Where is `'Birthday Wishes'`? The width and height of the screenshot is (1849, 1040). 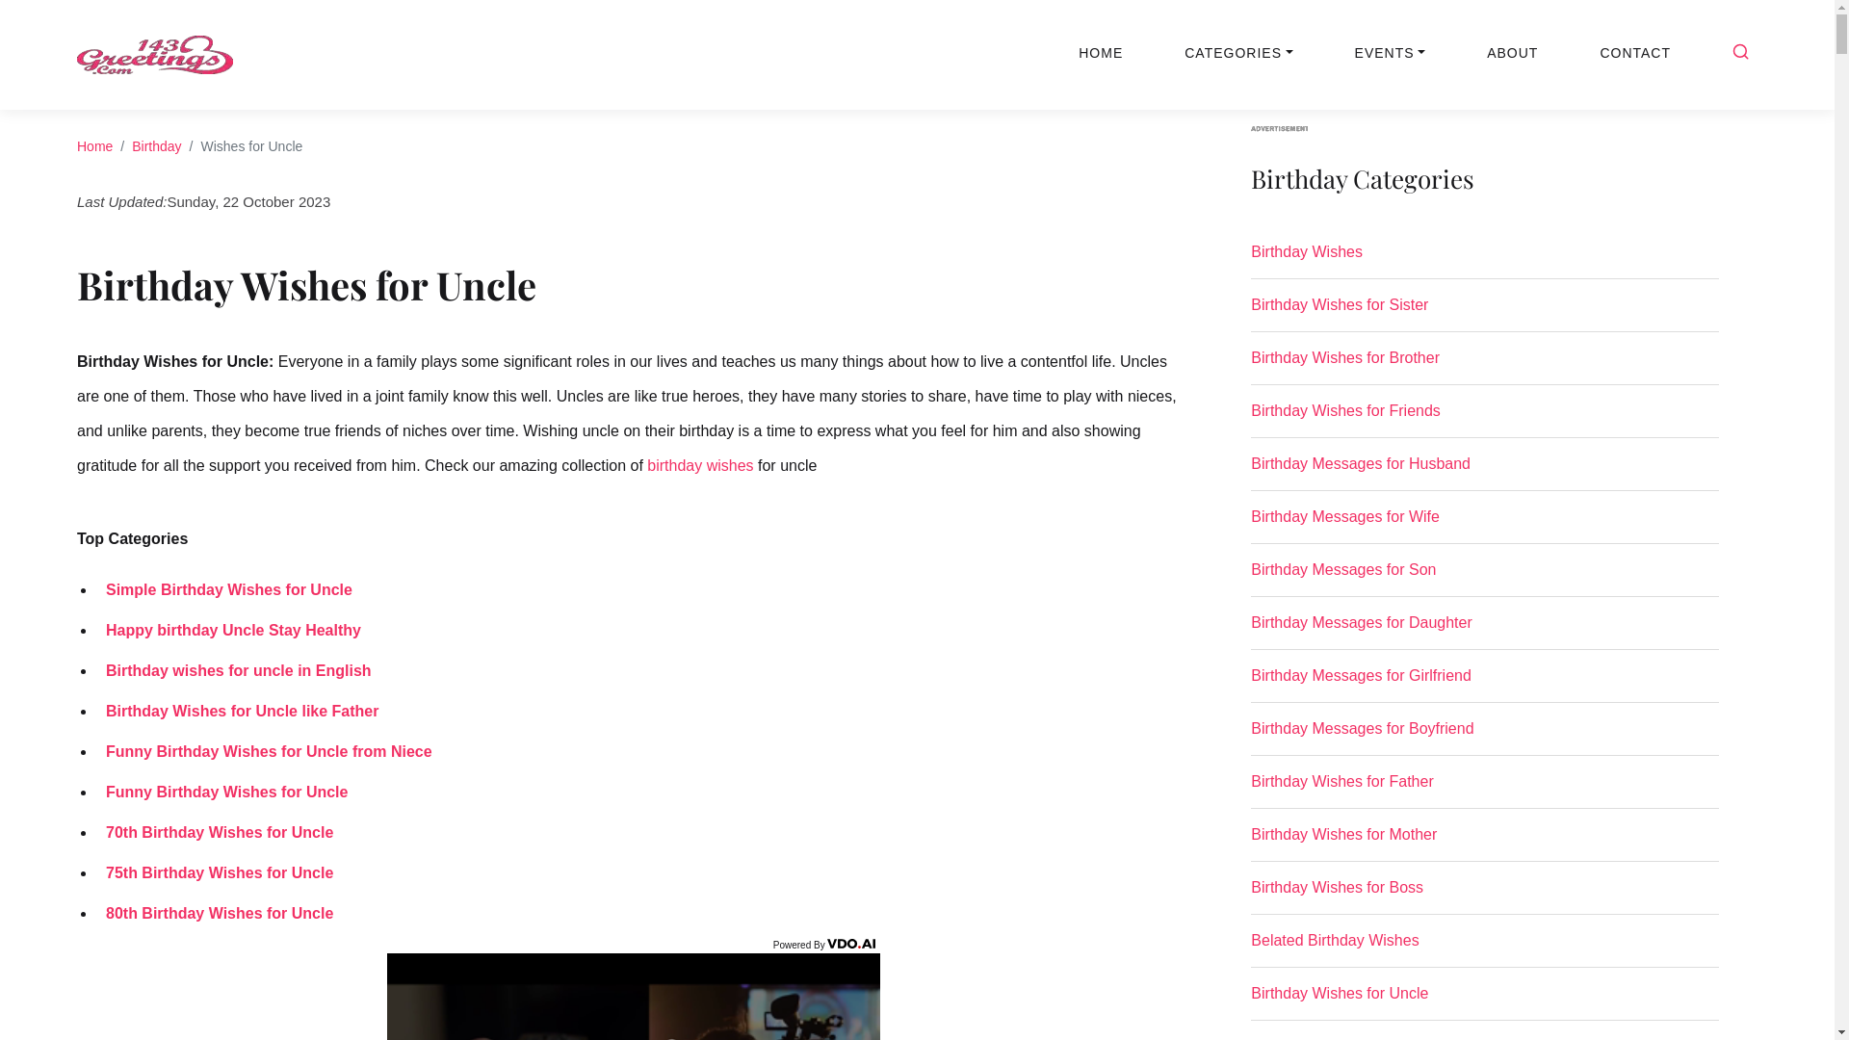 'Birthday Wishes' is located at coordinates (1483, 260).